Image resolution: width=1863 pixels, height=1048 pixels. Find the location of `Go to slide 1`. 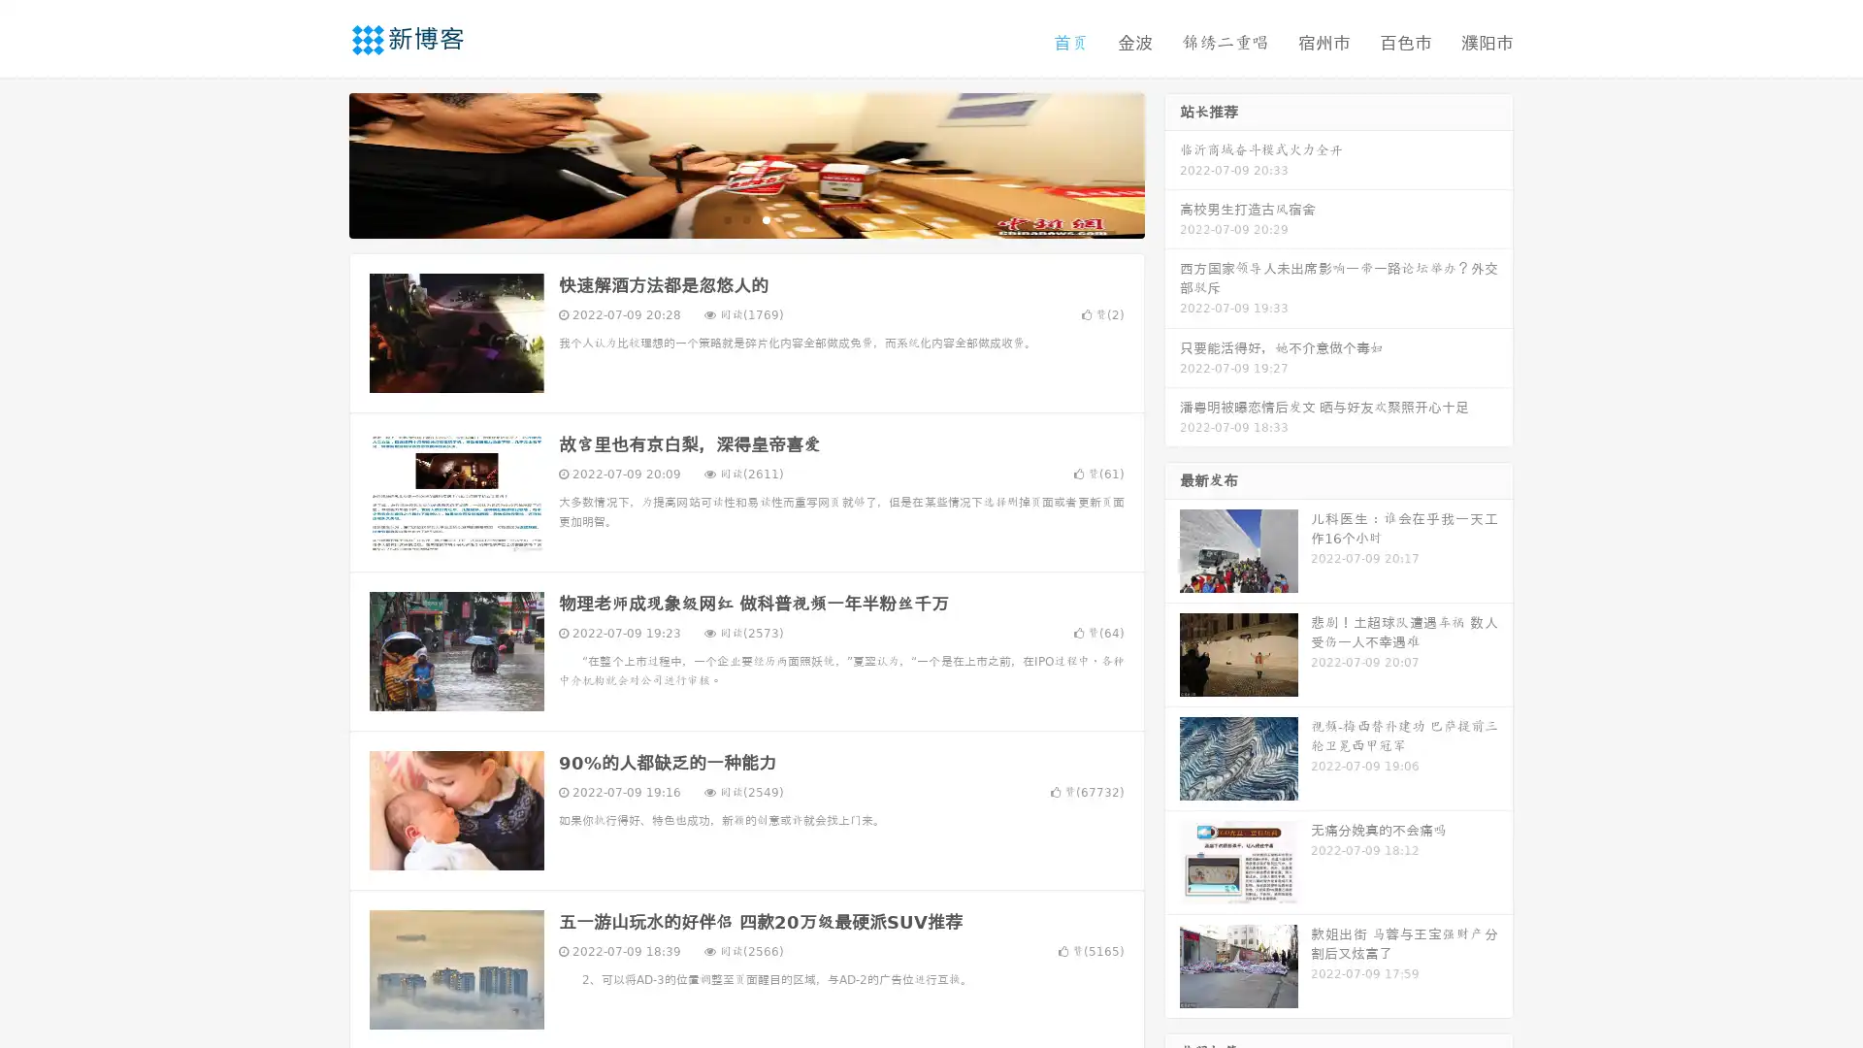

Go to slide 1 is located at coordinates (726, 218).